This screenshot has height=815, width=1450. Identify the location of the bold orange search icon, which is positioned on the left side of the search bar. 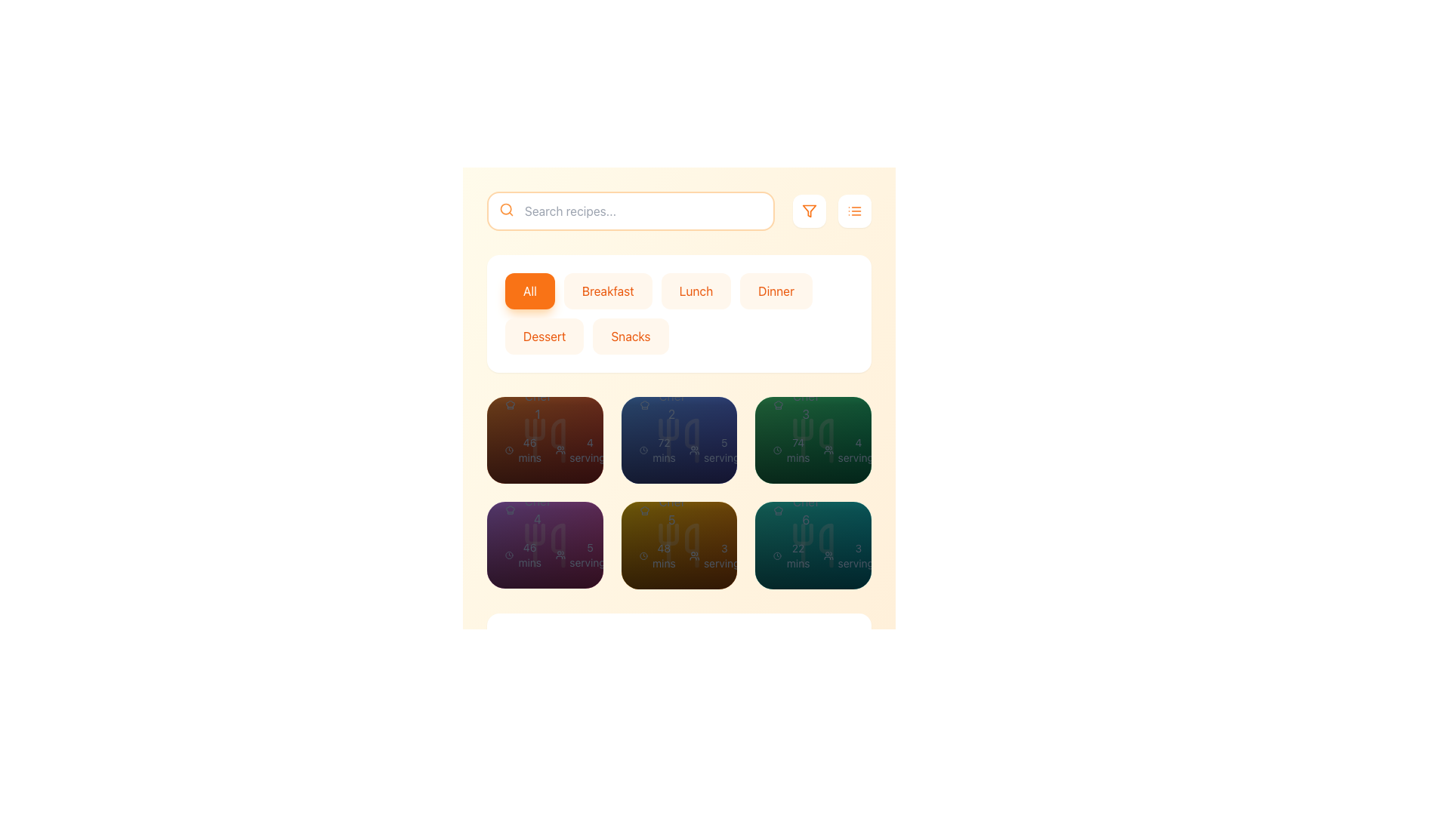
(507, 209).